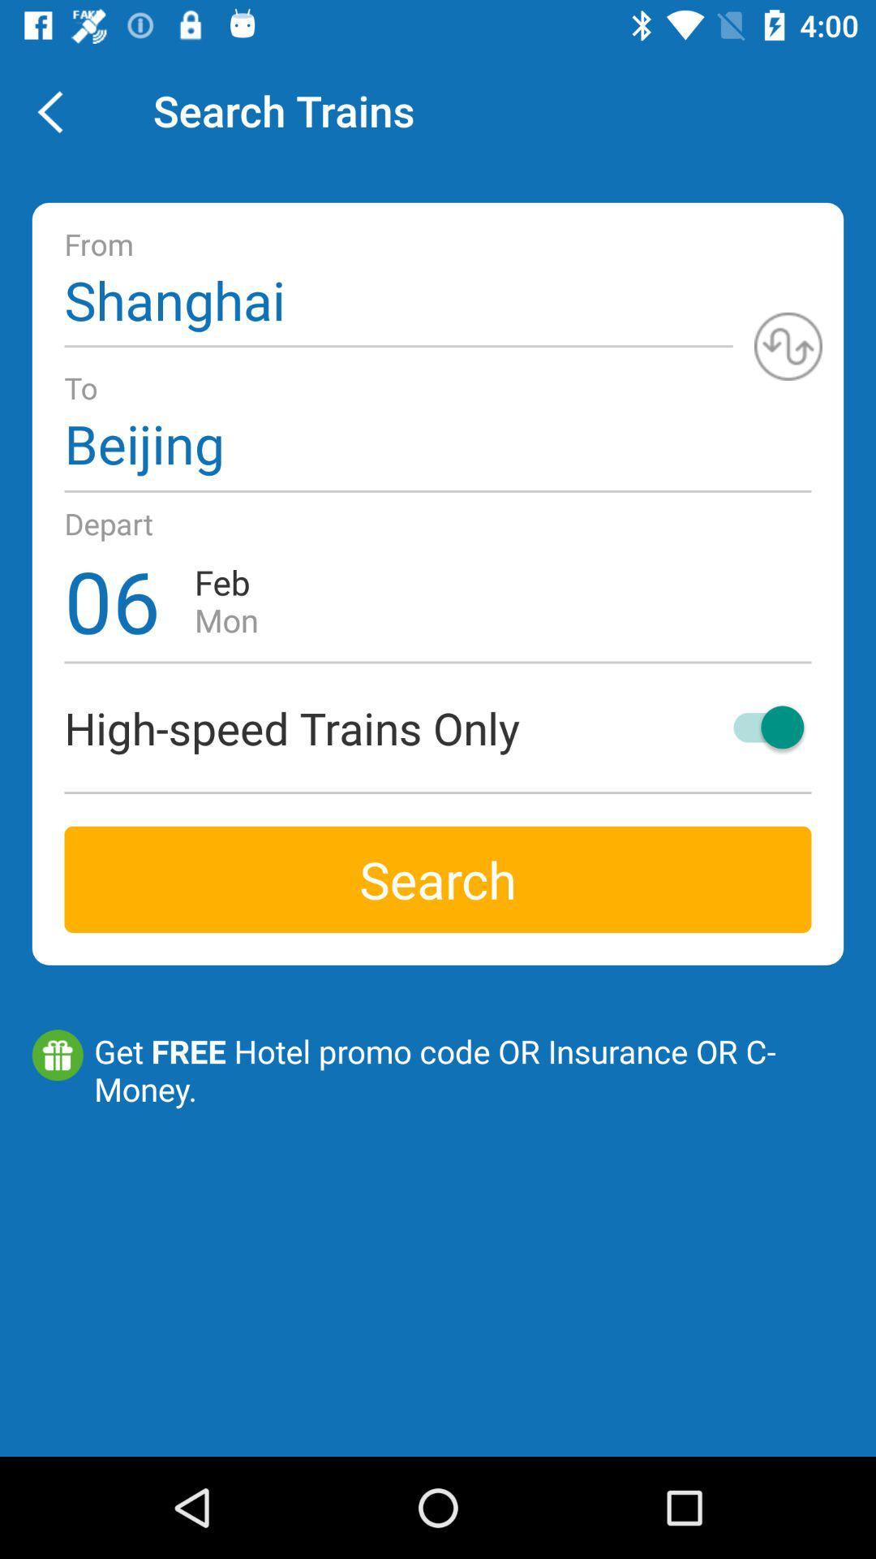 The height and width of the screenshot is (1559, 876). Describe the element at coordinates (761, 726) in the screenshot. I see `icon on the right` at that location.